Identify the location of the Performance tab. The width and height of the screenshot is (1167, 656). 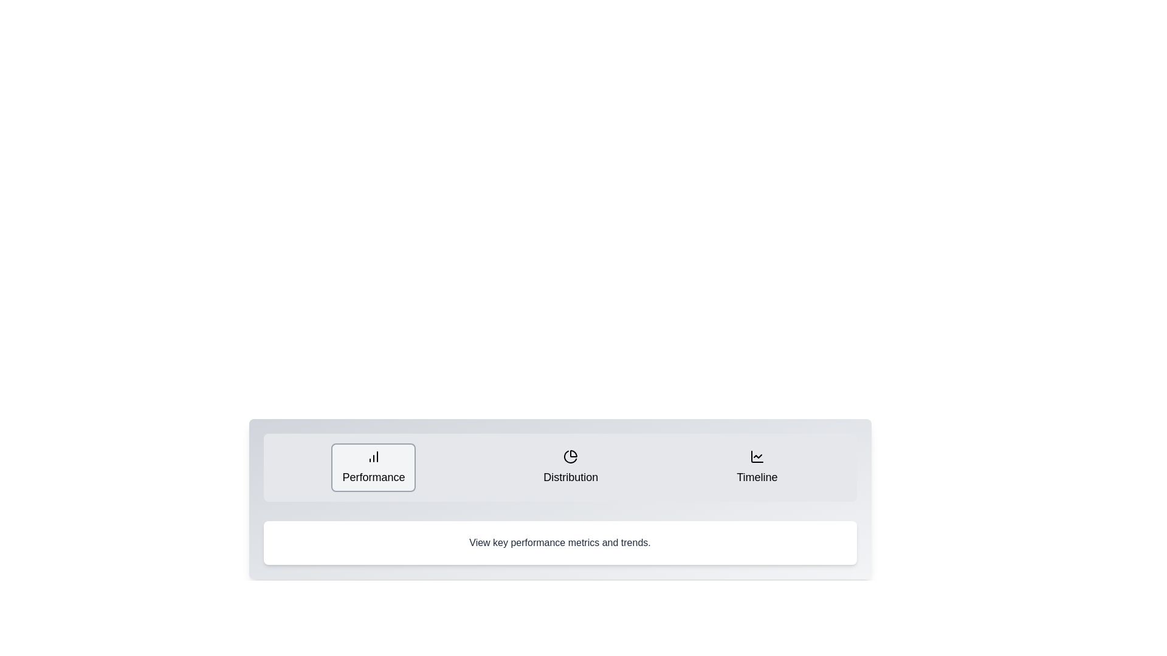
(373, 467).